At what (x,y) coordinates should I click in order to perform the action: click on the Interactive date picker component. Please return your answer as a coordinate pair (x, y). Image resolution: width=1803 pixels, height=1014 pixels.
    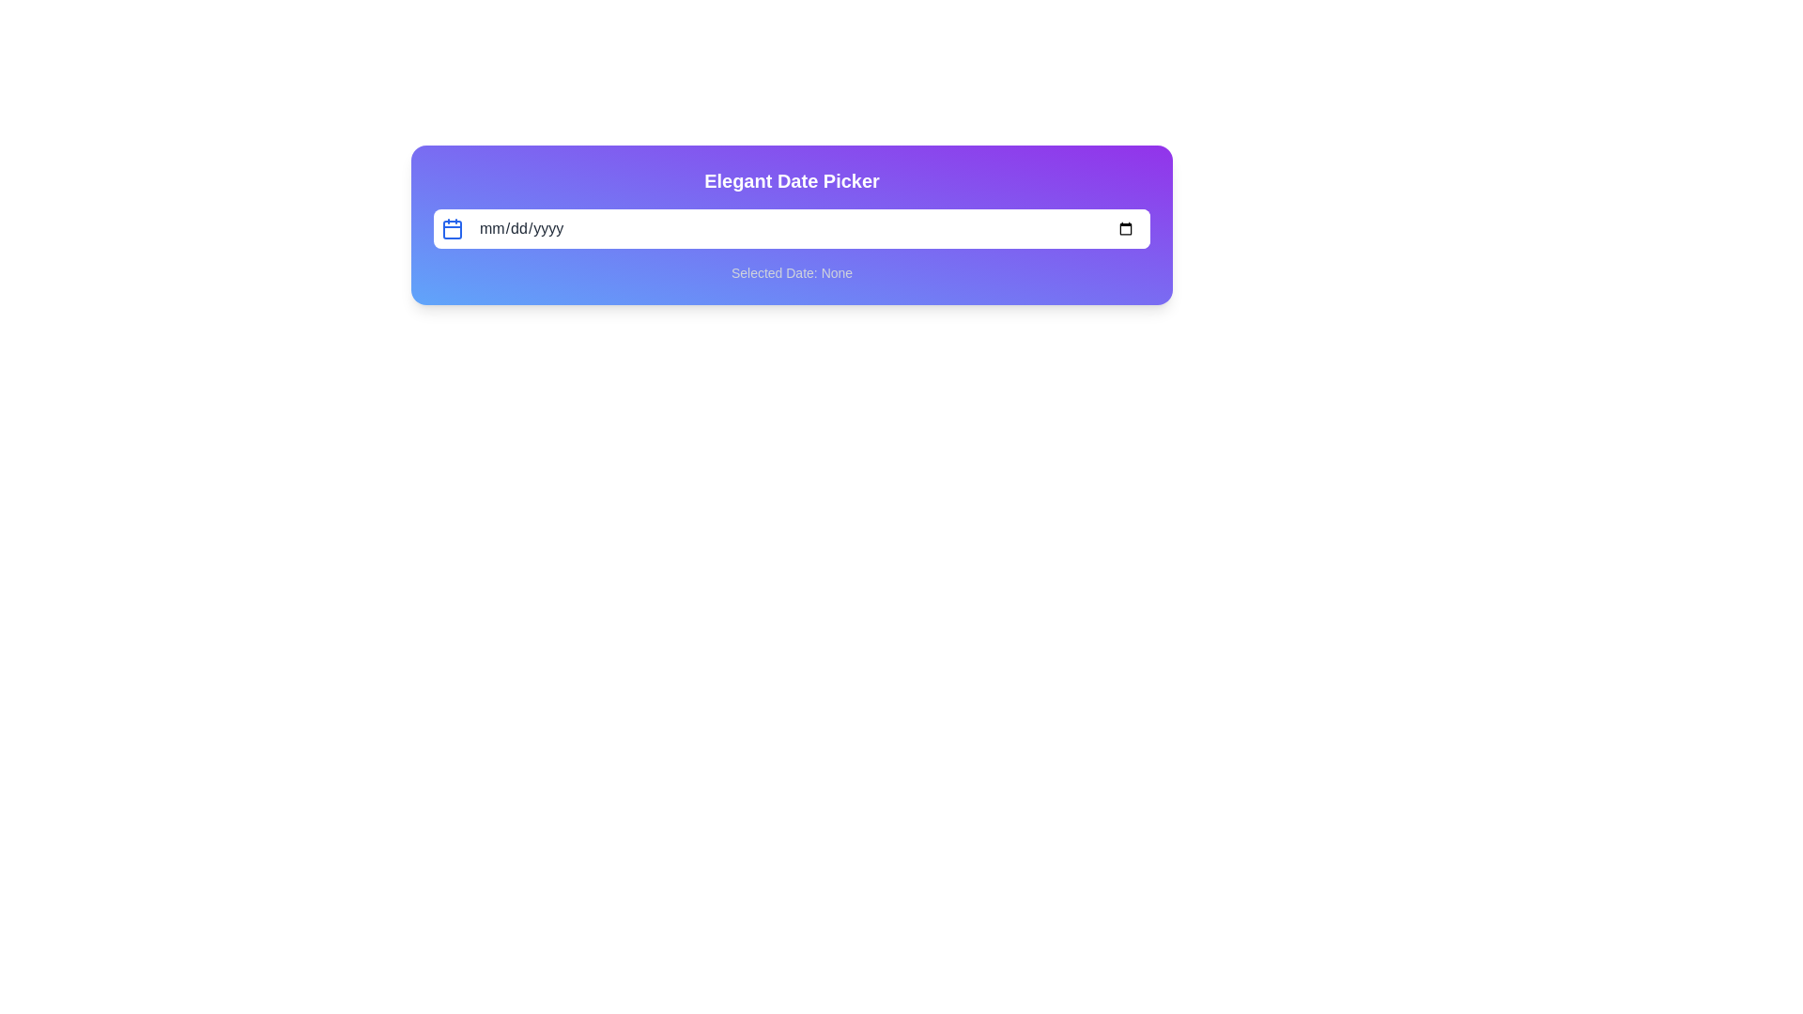
    Looking at the image, I should click on (792, 223).